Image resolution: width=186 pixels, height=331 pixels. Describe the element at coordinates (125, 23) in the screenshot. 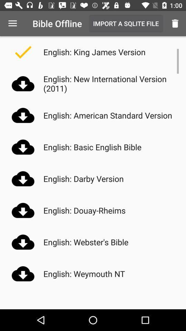

I see `icon to the right of bible offline icon` at that location.